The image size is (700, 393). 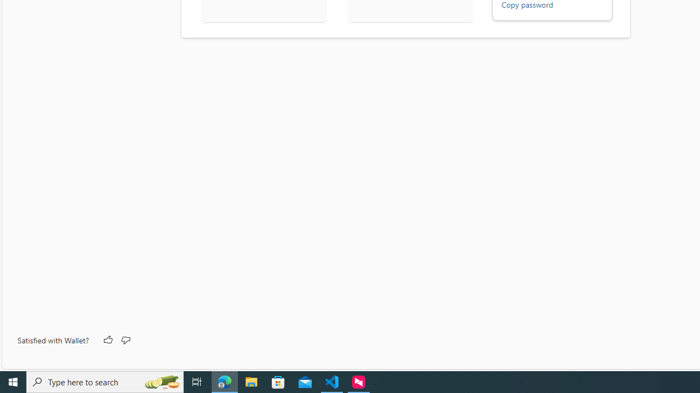 What do you see at coordinates (331, 381) in the screenshot?
I see `'Visual Studio Code - 1 running window'` at bounding box center [331, 381].